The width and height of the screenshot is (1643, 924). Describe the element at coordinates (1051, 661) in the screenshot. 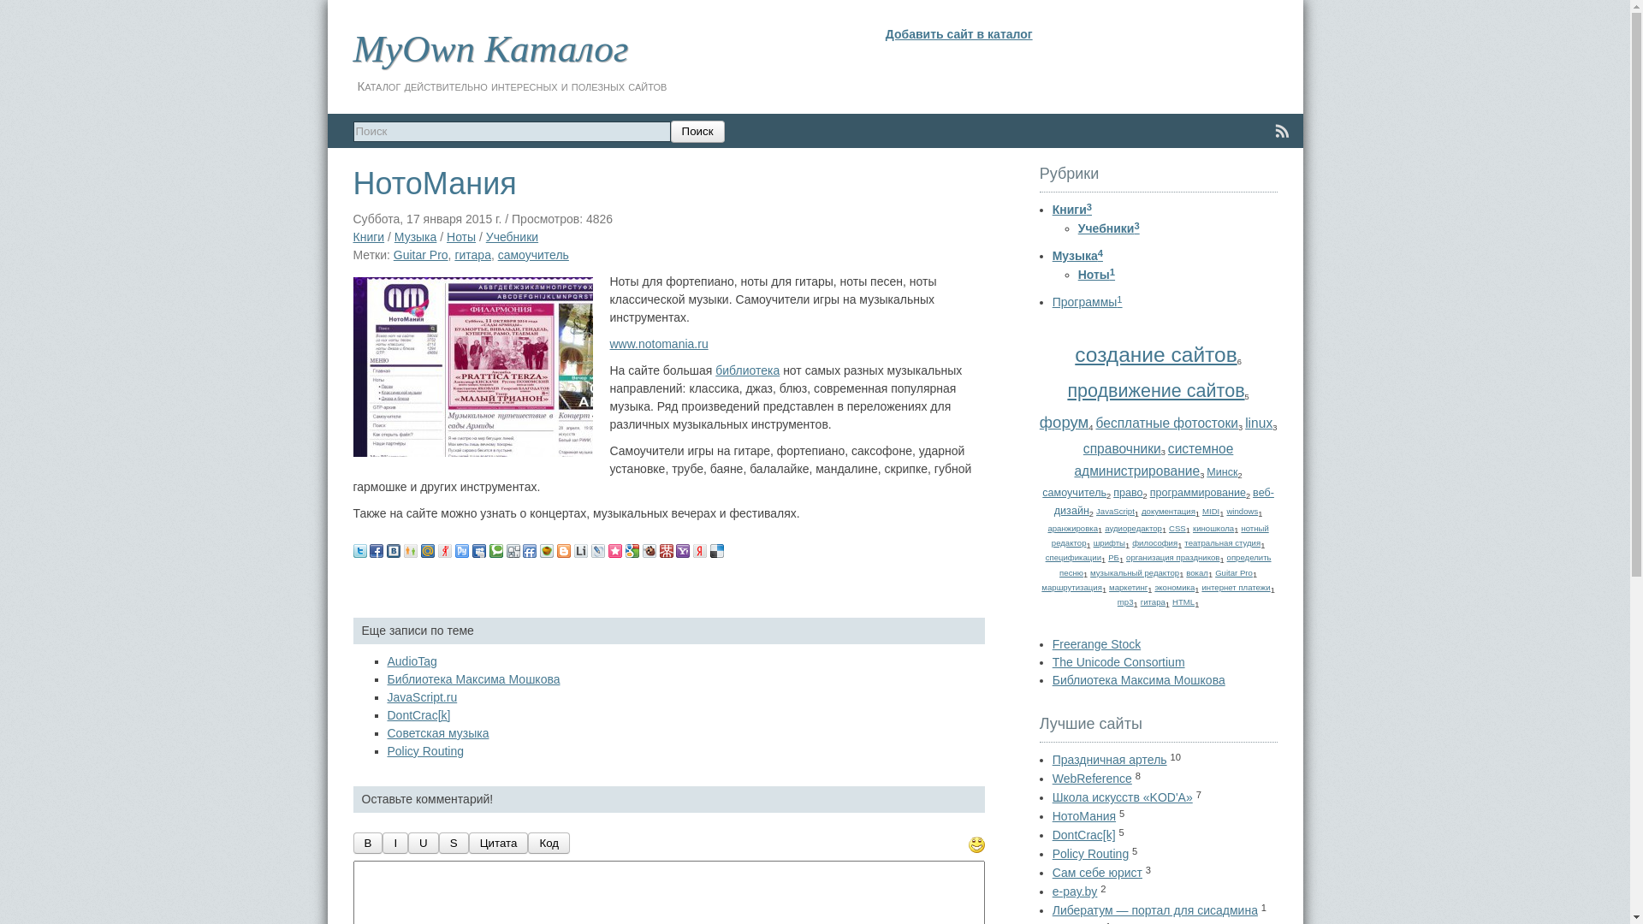

I see `'The Unicode Consortium'` at that location.